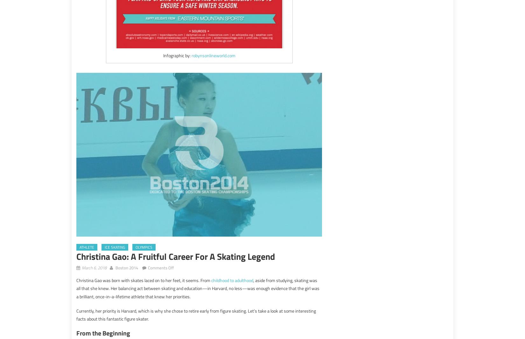 The height and width of the screenshot is (339, 525). I want to click on 'Boston 2014', so click(115, 267).